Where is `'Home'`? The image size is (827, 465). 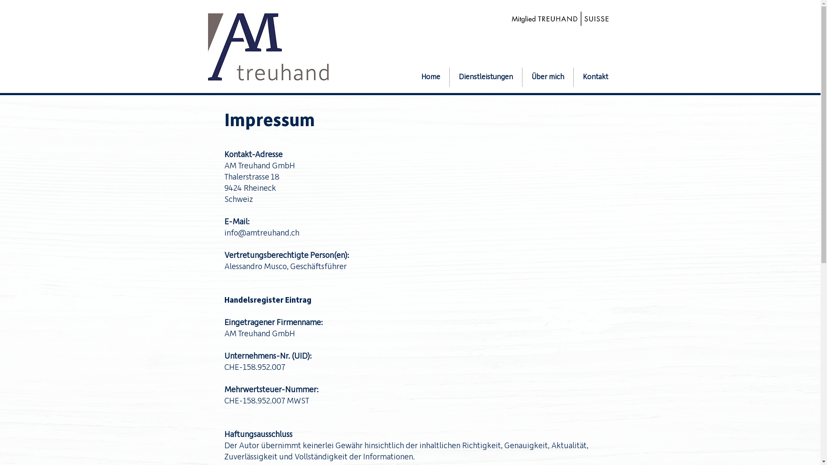
'Home' is located at coordinates (430, 77).